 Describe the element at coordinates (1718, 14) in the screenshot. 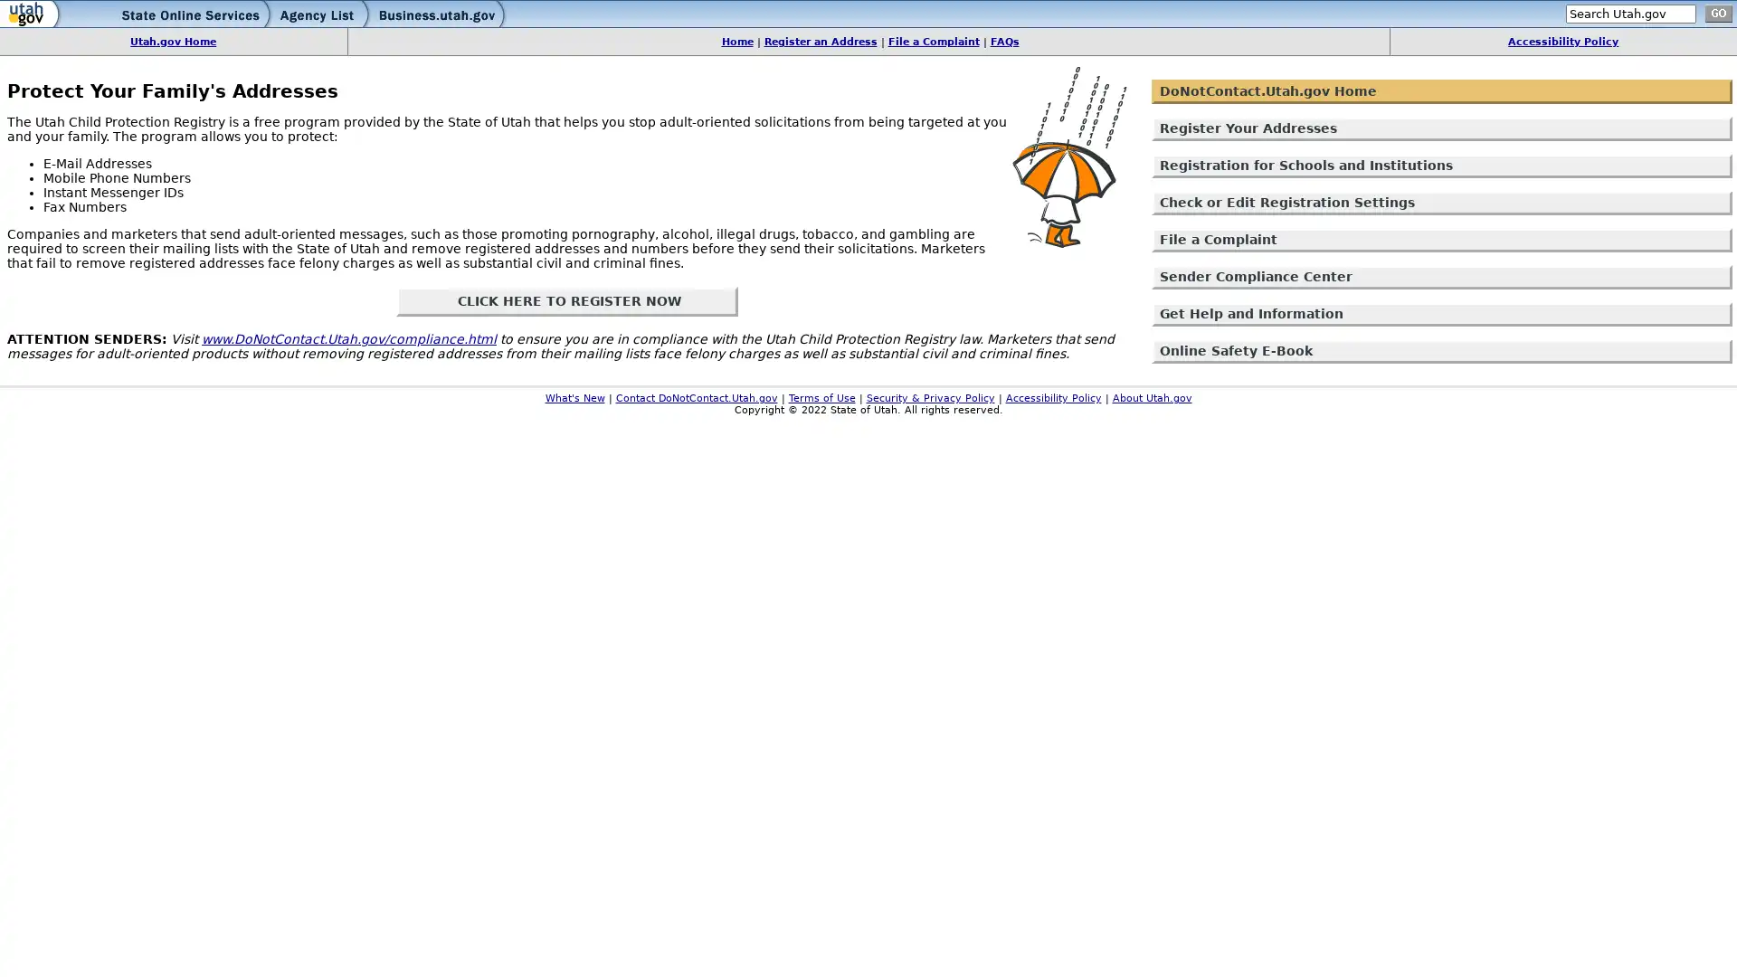

I see `go` at that location.